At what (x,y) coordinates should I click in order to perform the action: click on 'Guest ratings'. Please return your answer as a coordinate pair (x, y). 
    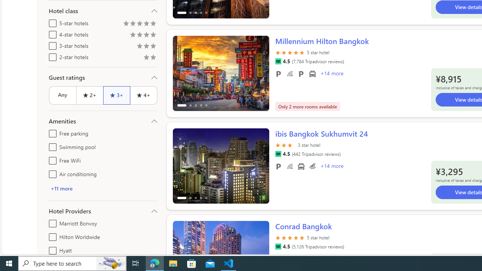
    Looking at the image, I should click on (102, 77).